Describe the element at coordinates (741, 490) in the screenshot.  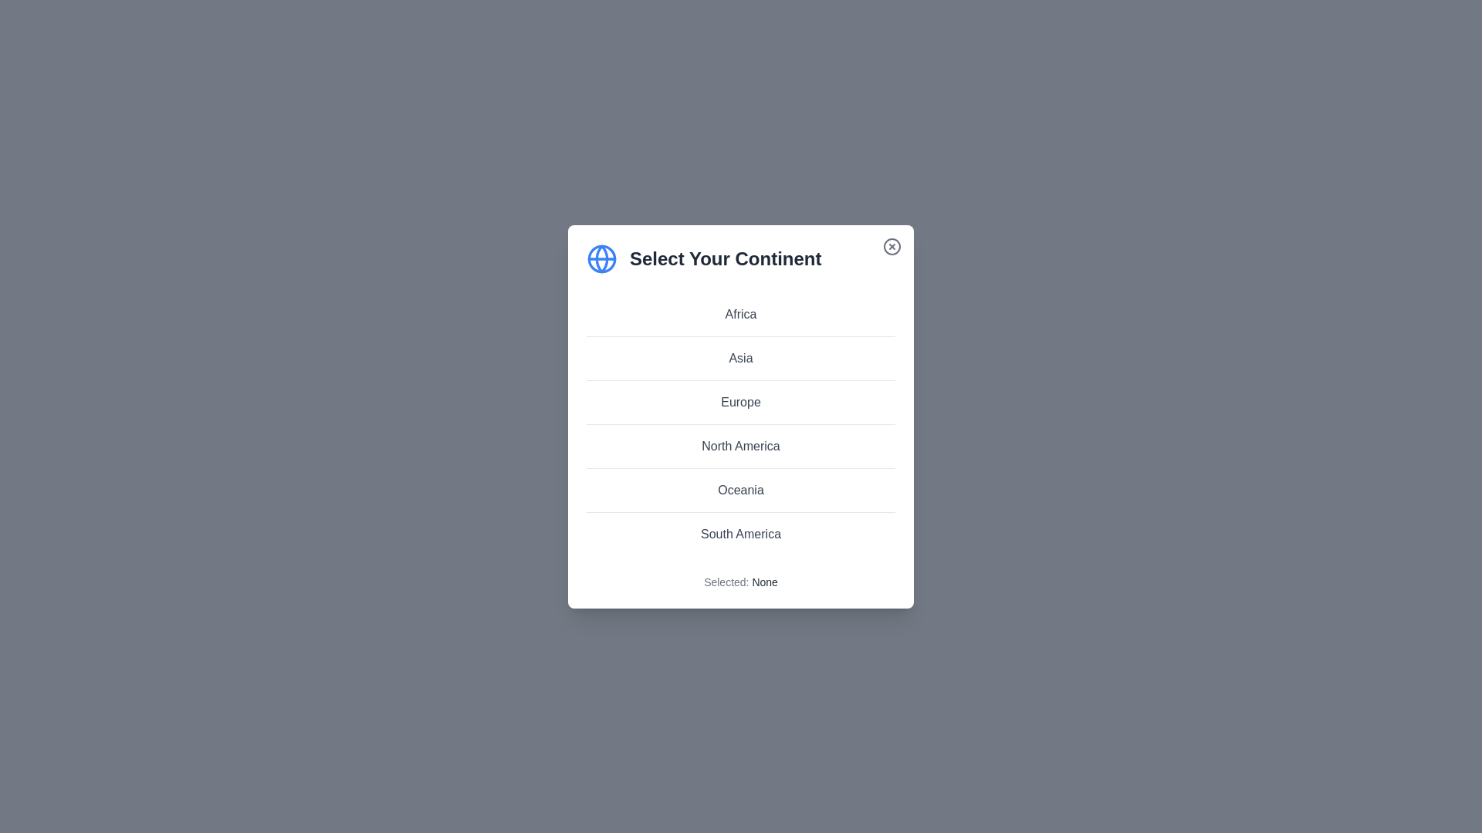
I see `the continent Oceania from the list` at that location.